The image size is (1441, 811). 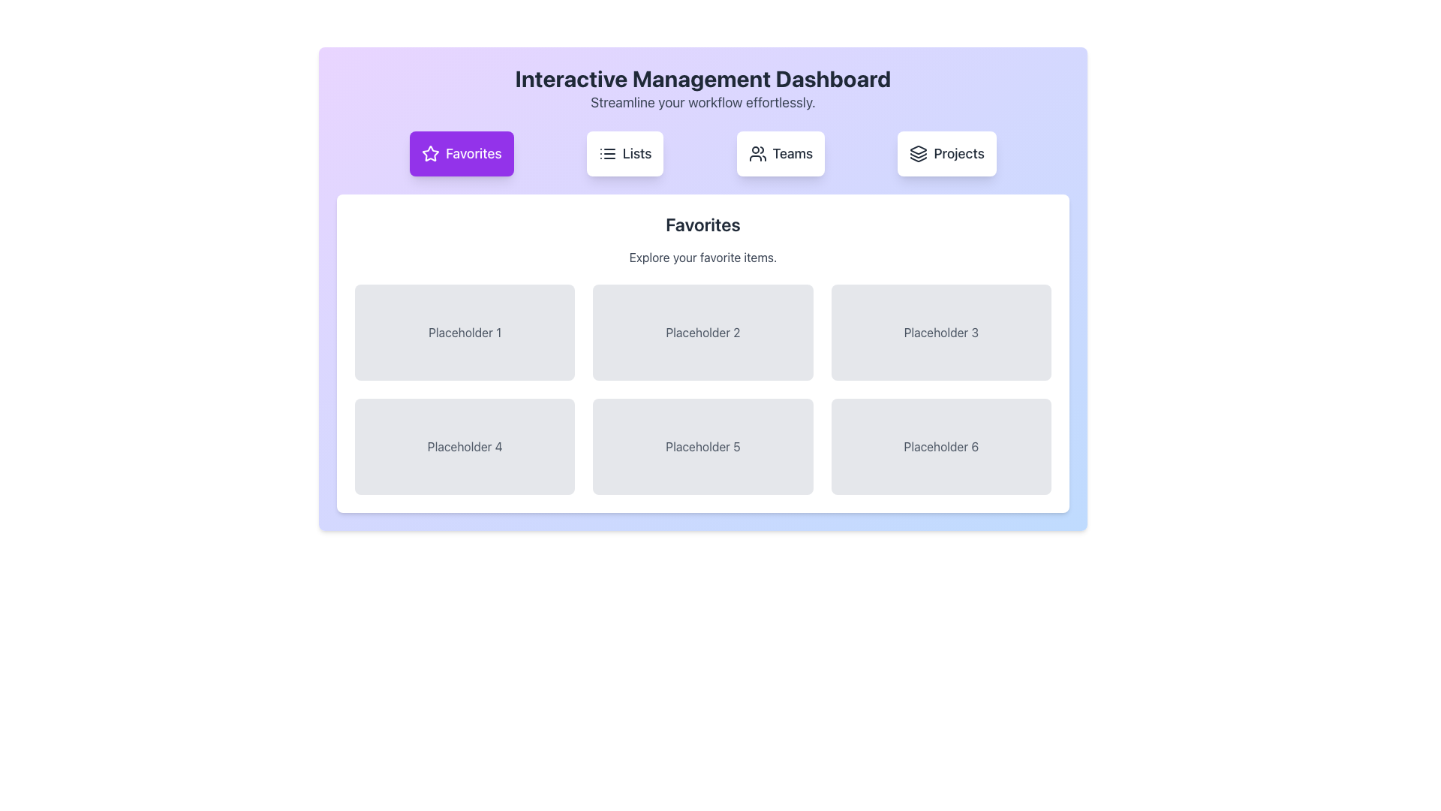 What do you see at coordinates (625, 153) in the screenshot?
I see `the second button in the navigation bar` at bounding box center [625, 153].